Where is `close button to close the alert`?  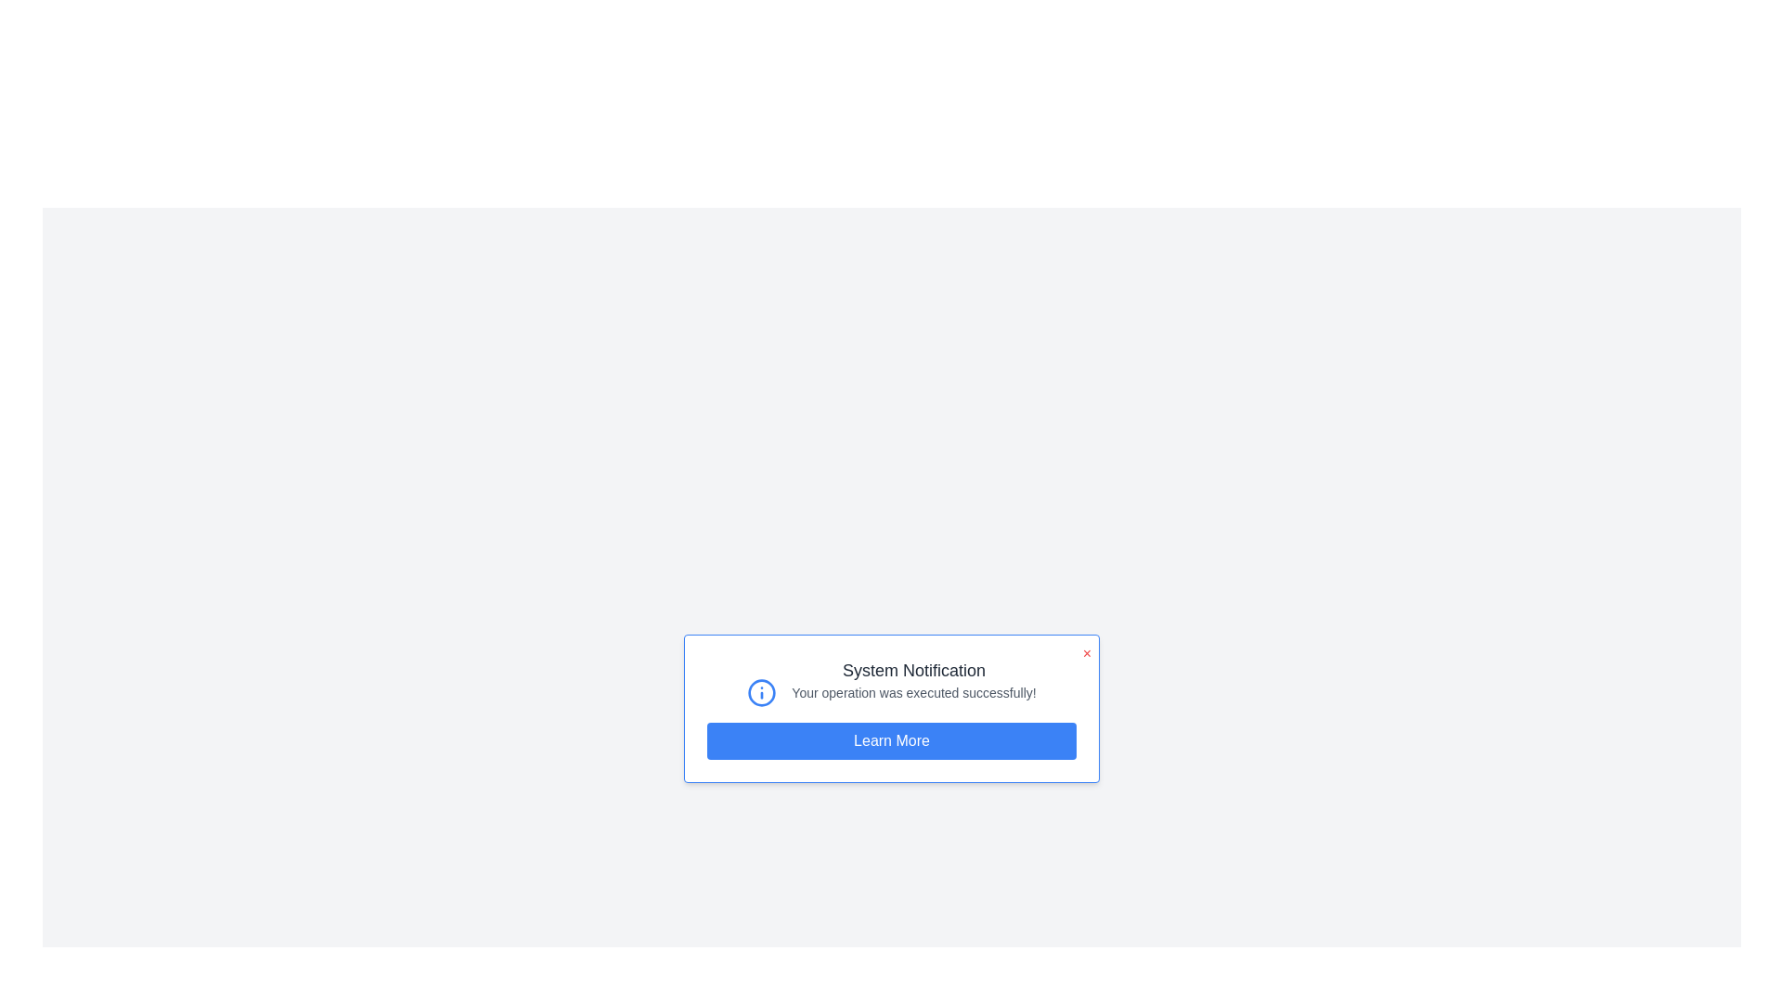 close button to close the alert is located at coordinates (1087, 652).